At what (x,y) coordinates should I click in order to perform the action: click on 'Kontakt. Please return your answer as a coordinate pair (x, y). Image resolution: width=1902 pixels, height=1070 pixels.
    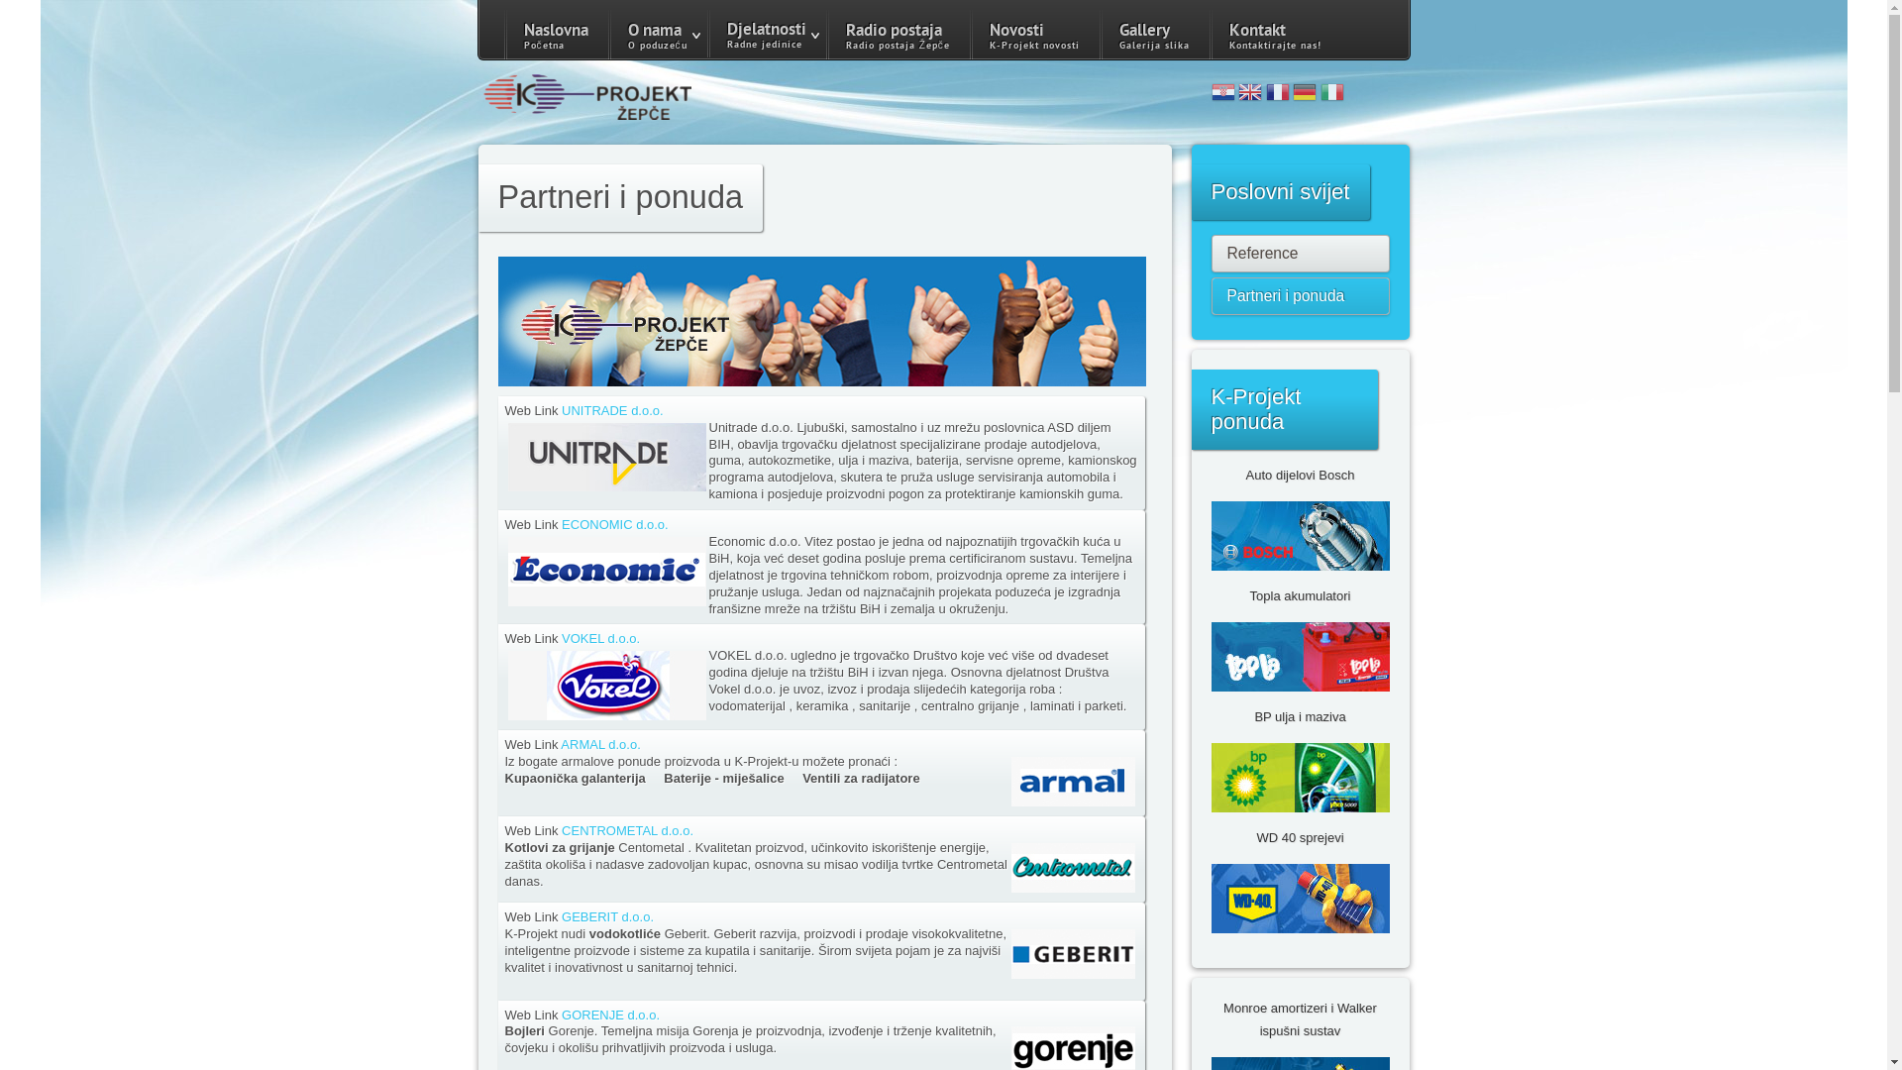
    Looking at the image, I should click on (1275, 34).